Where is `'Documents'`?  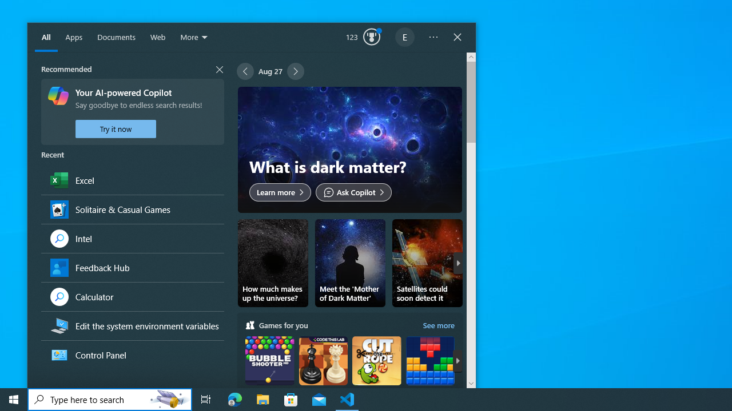 'Documents' is located at coordinates (116, 37).